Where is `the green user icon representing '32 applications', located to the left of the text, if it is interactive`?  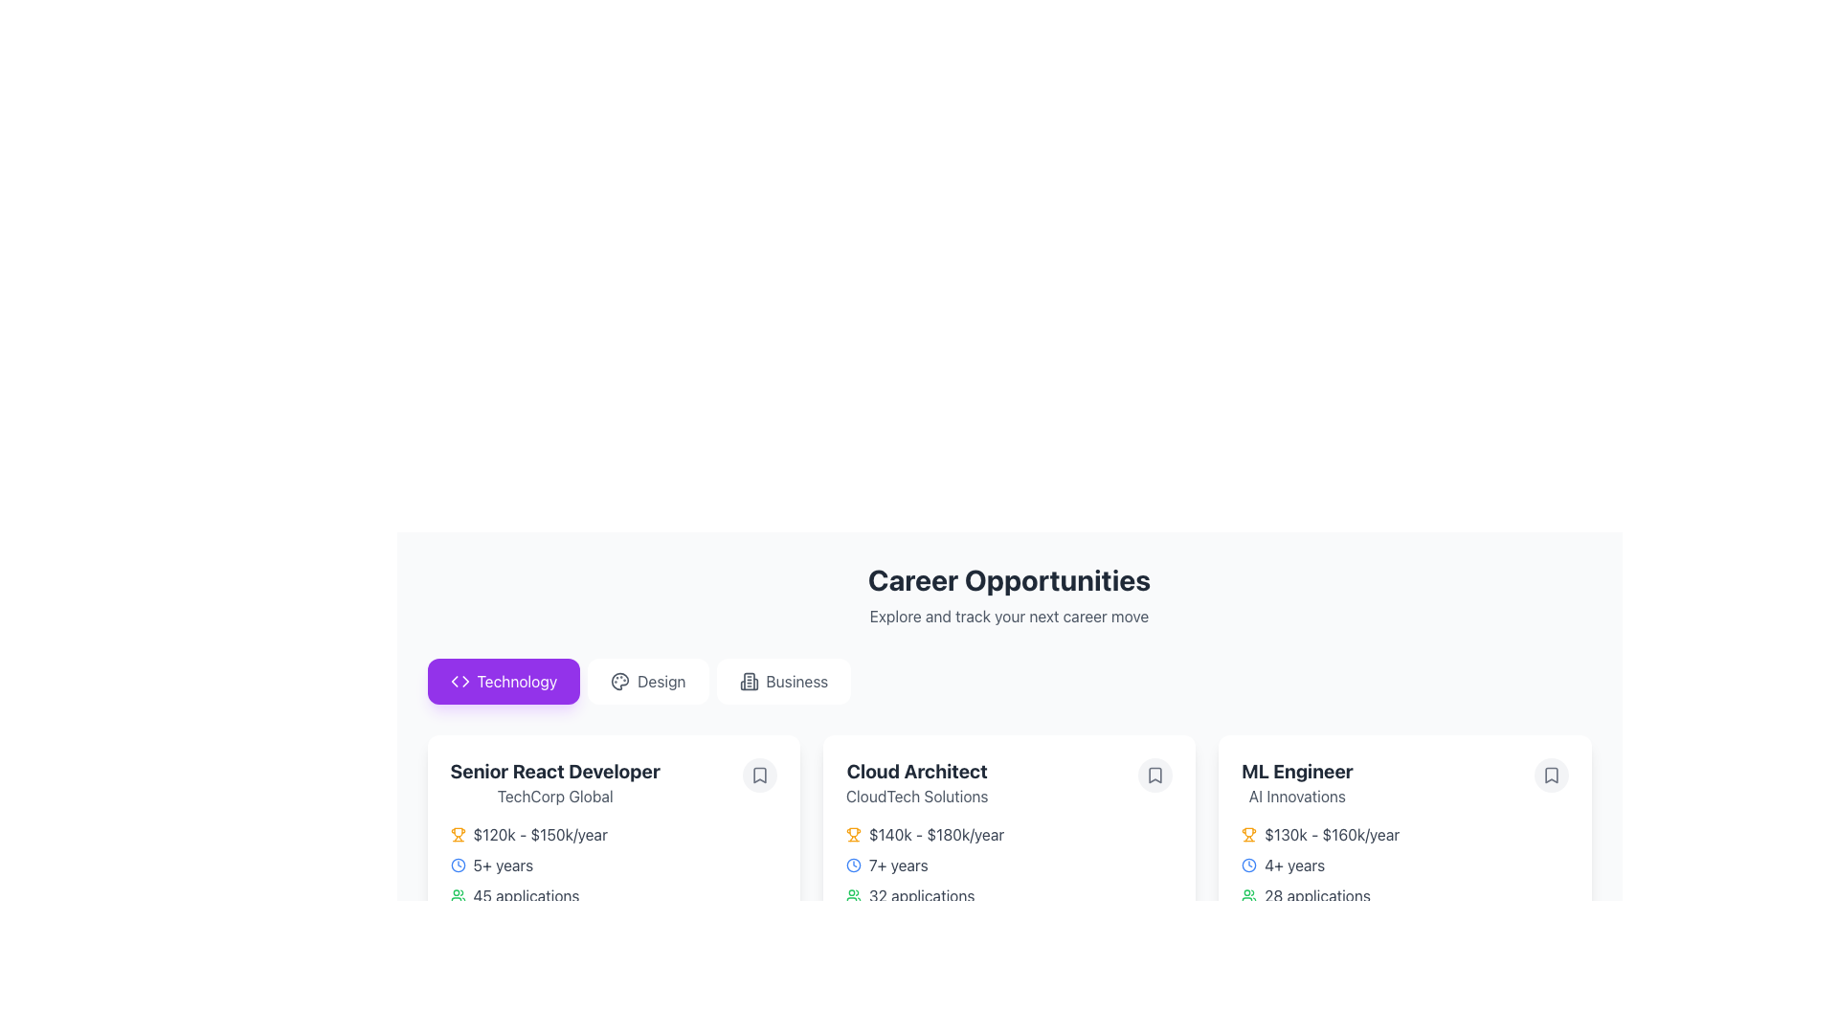
the green user icon representing '32 applications', located to the left of the text, if it is interactive is located at coordinates (852, 896).